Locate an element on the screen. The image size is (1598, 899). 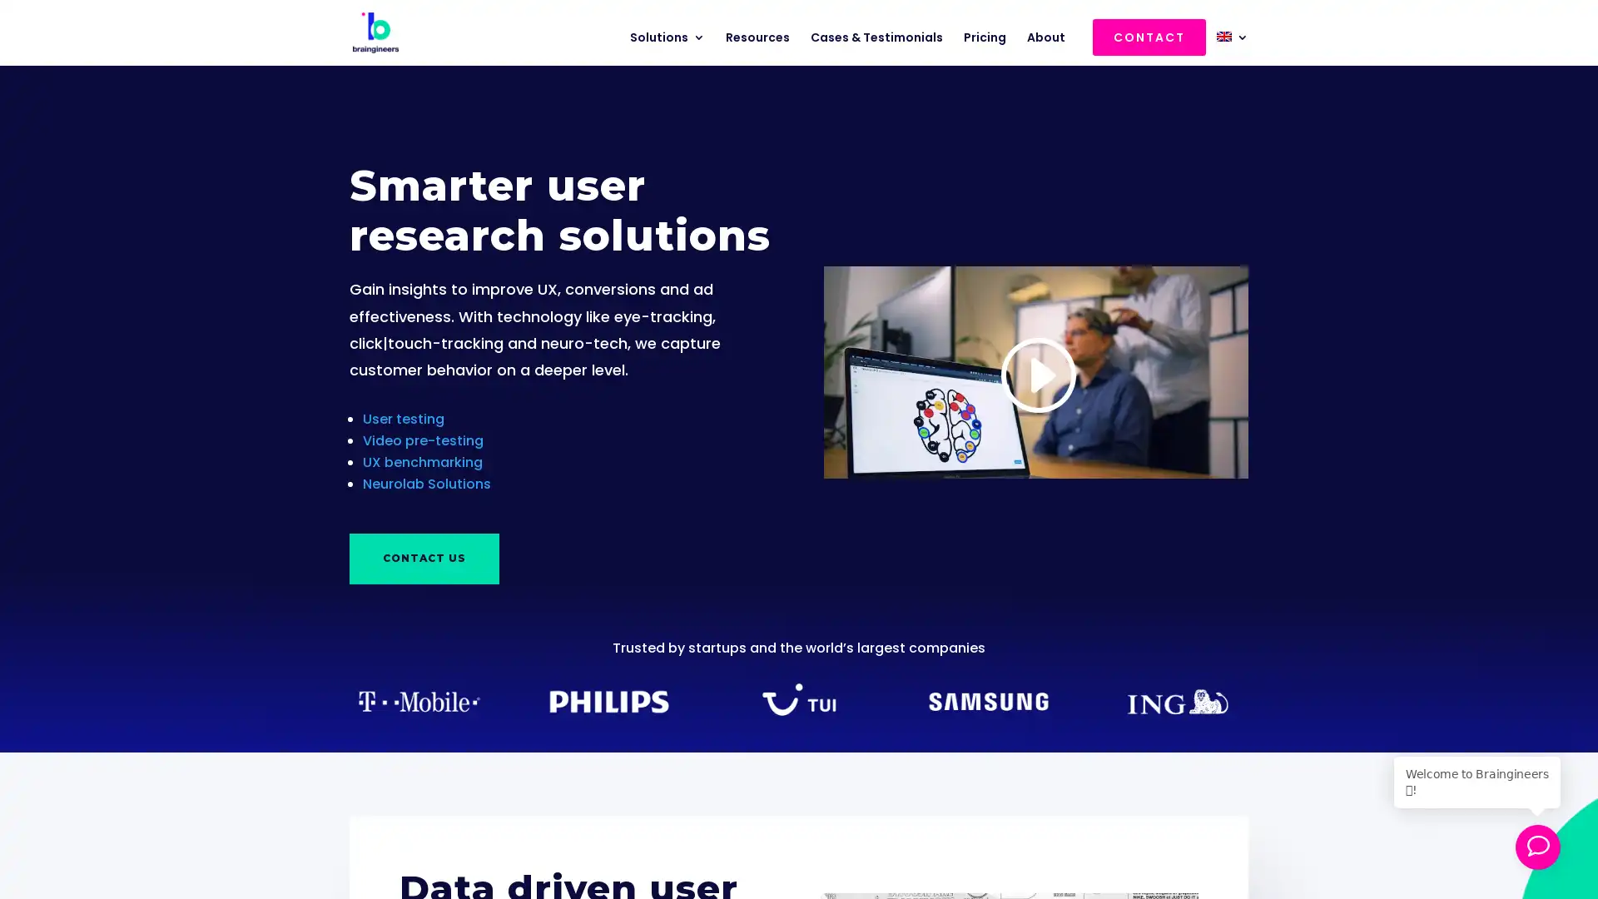
Download 5 is located at coordinates (223, 866).